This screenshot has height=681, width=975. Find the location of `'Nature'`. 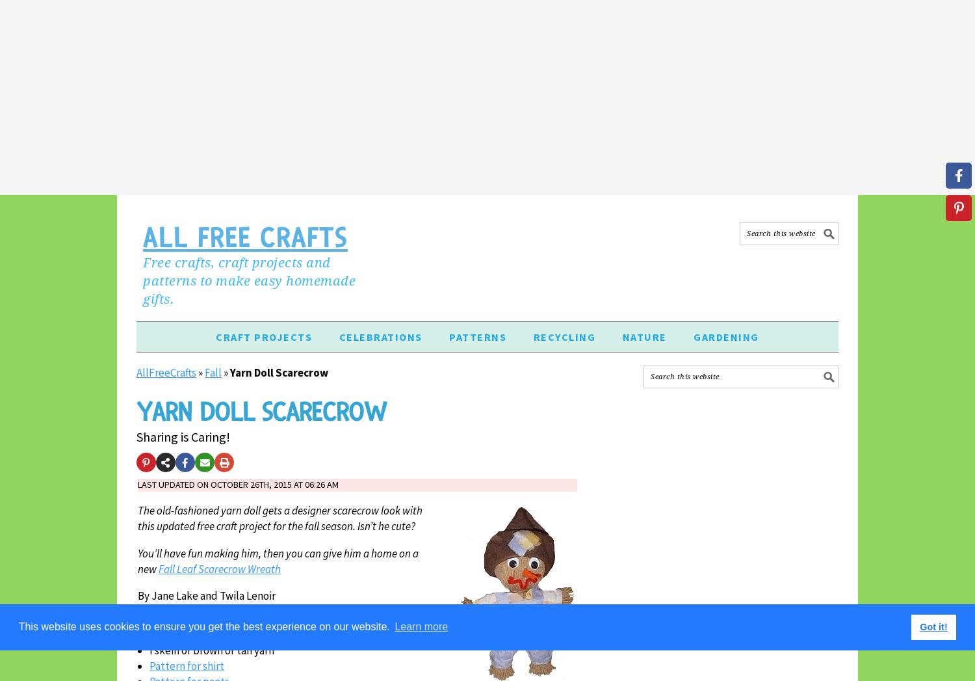

'Nature' is located at coordinates (643, 336).